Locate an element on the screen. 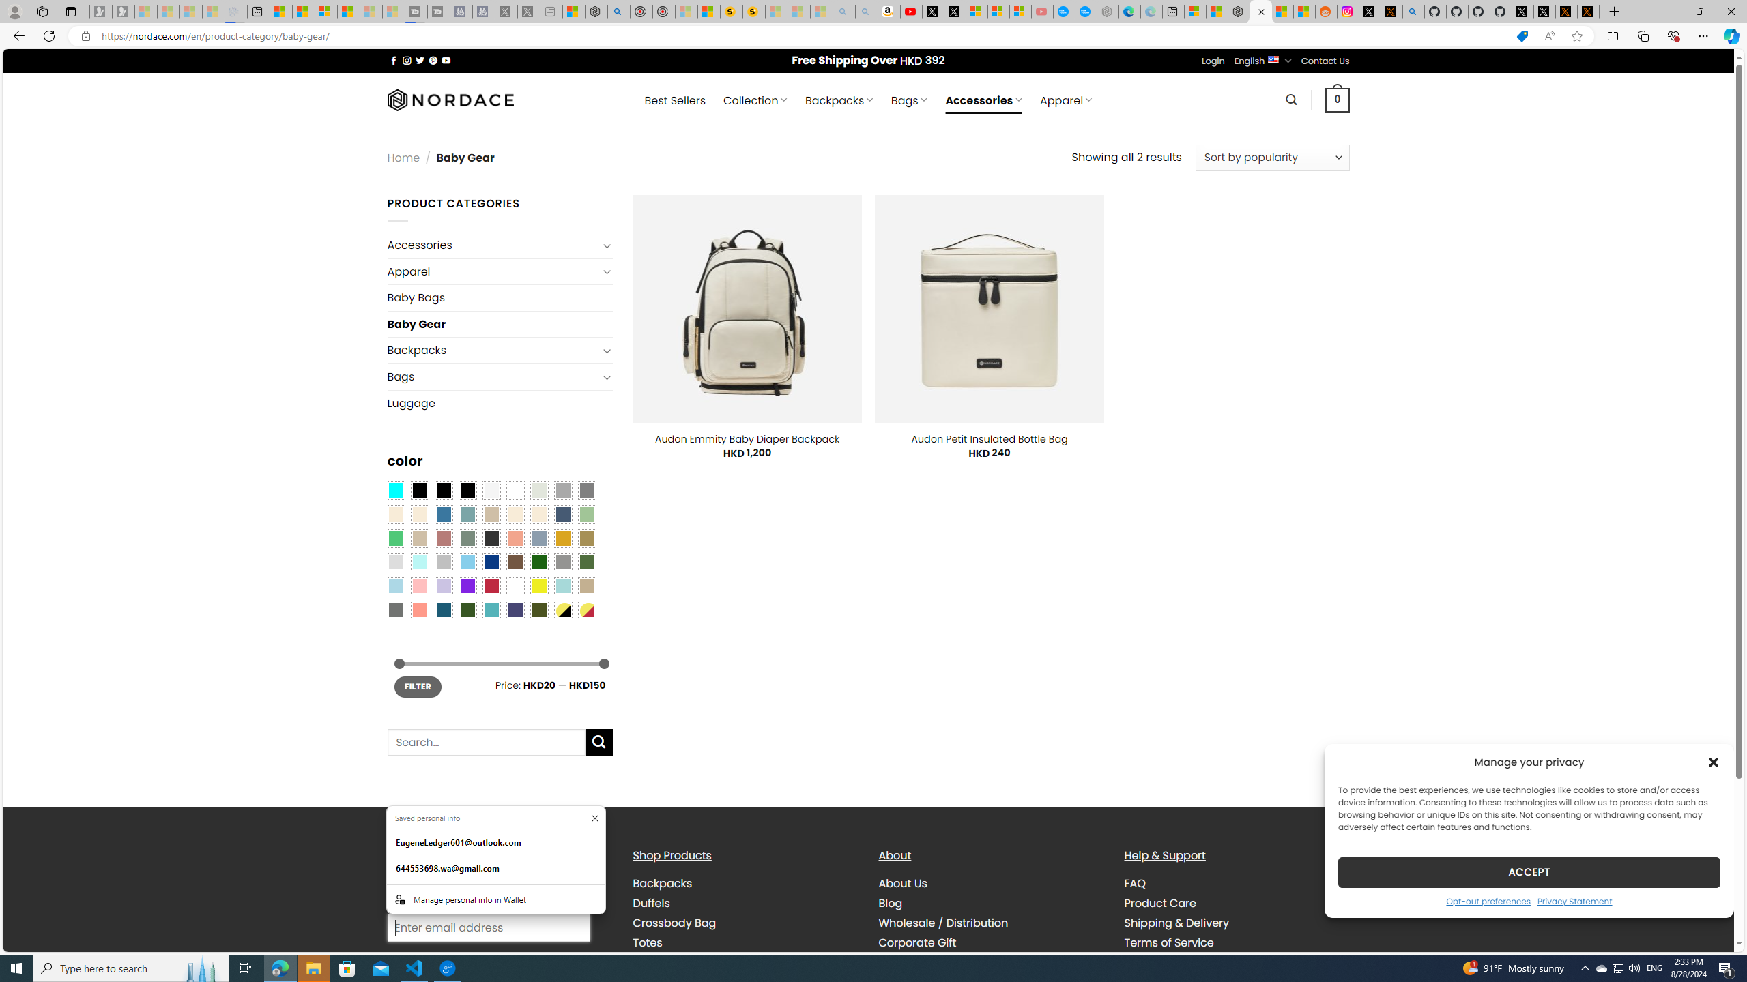 The image size is (1747, 982). 'Light Purple' is located at coordinates (443, 585).